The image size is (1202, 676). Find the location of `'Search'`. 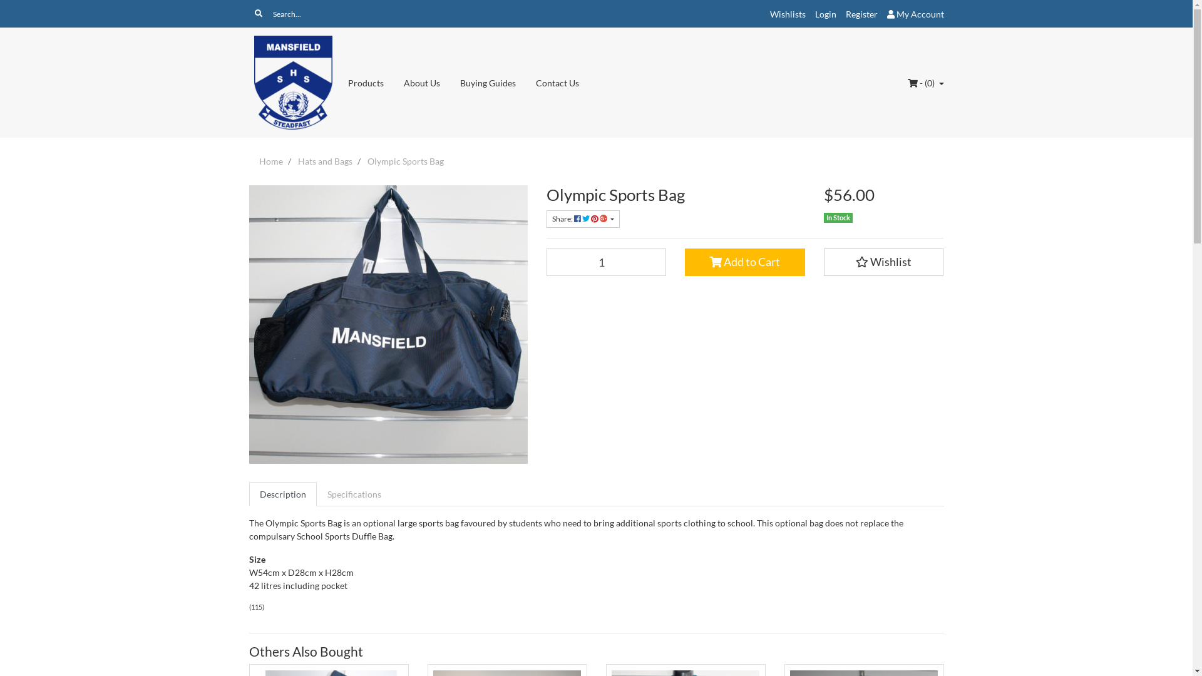

'Search' is located at coordinates (257, 14).